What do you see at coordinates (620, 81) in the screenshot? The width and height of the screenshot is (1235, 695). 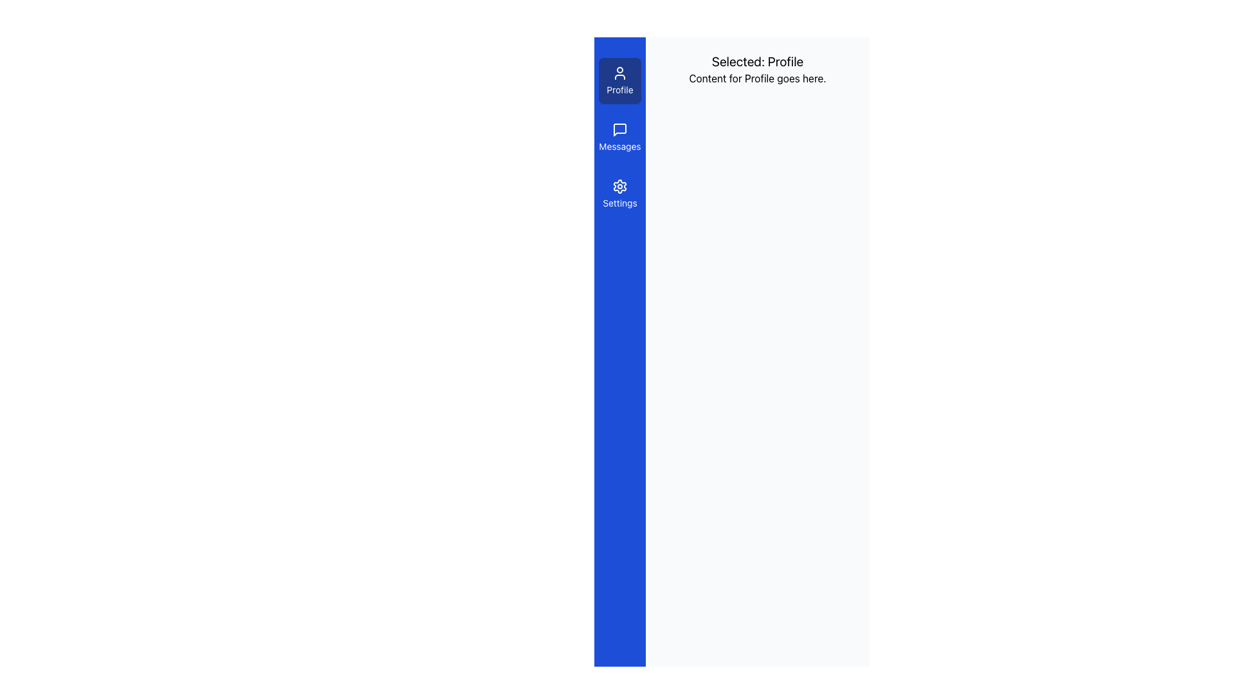 I see `the Profile navigation item, which features a user profile icon and the label 'Profile' below it` at bounding box center [620, 81].